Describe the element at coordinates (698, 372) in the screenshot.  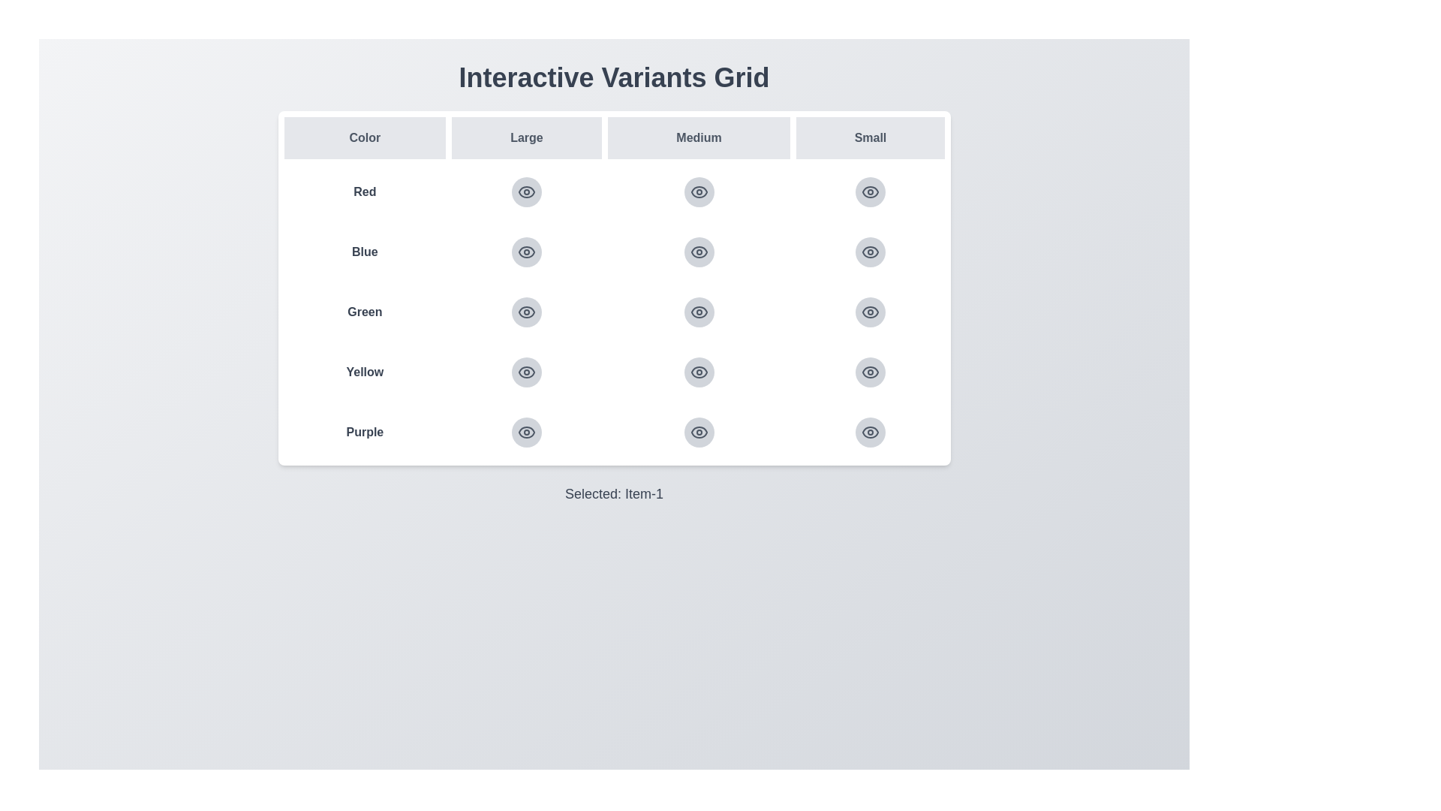
I see `the Eye icon in the fourth row and third column of the Interactive Variants Grid` at that location.